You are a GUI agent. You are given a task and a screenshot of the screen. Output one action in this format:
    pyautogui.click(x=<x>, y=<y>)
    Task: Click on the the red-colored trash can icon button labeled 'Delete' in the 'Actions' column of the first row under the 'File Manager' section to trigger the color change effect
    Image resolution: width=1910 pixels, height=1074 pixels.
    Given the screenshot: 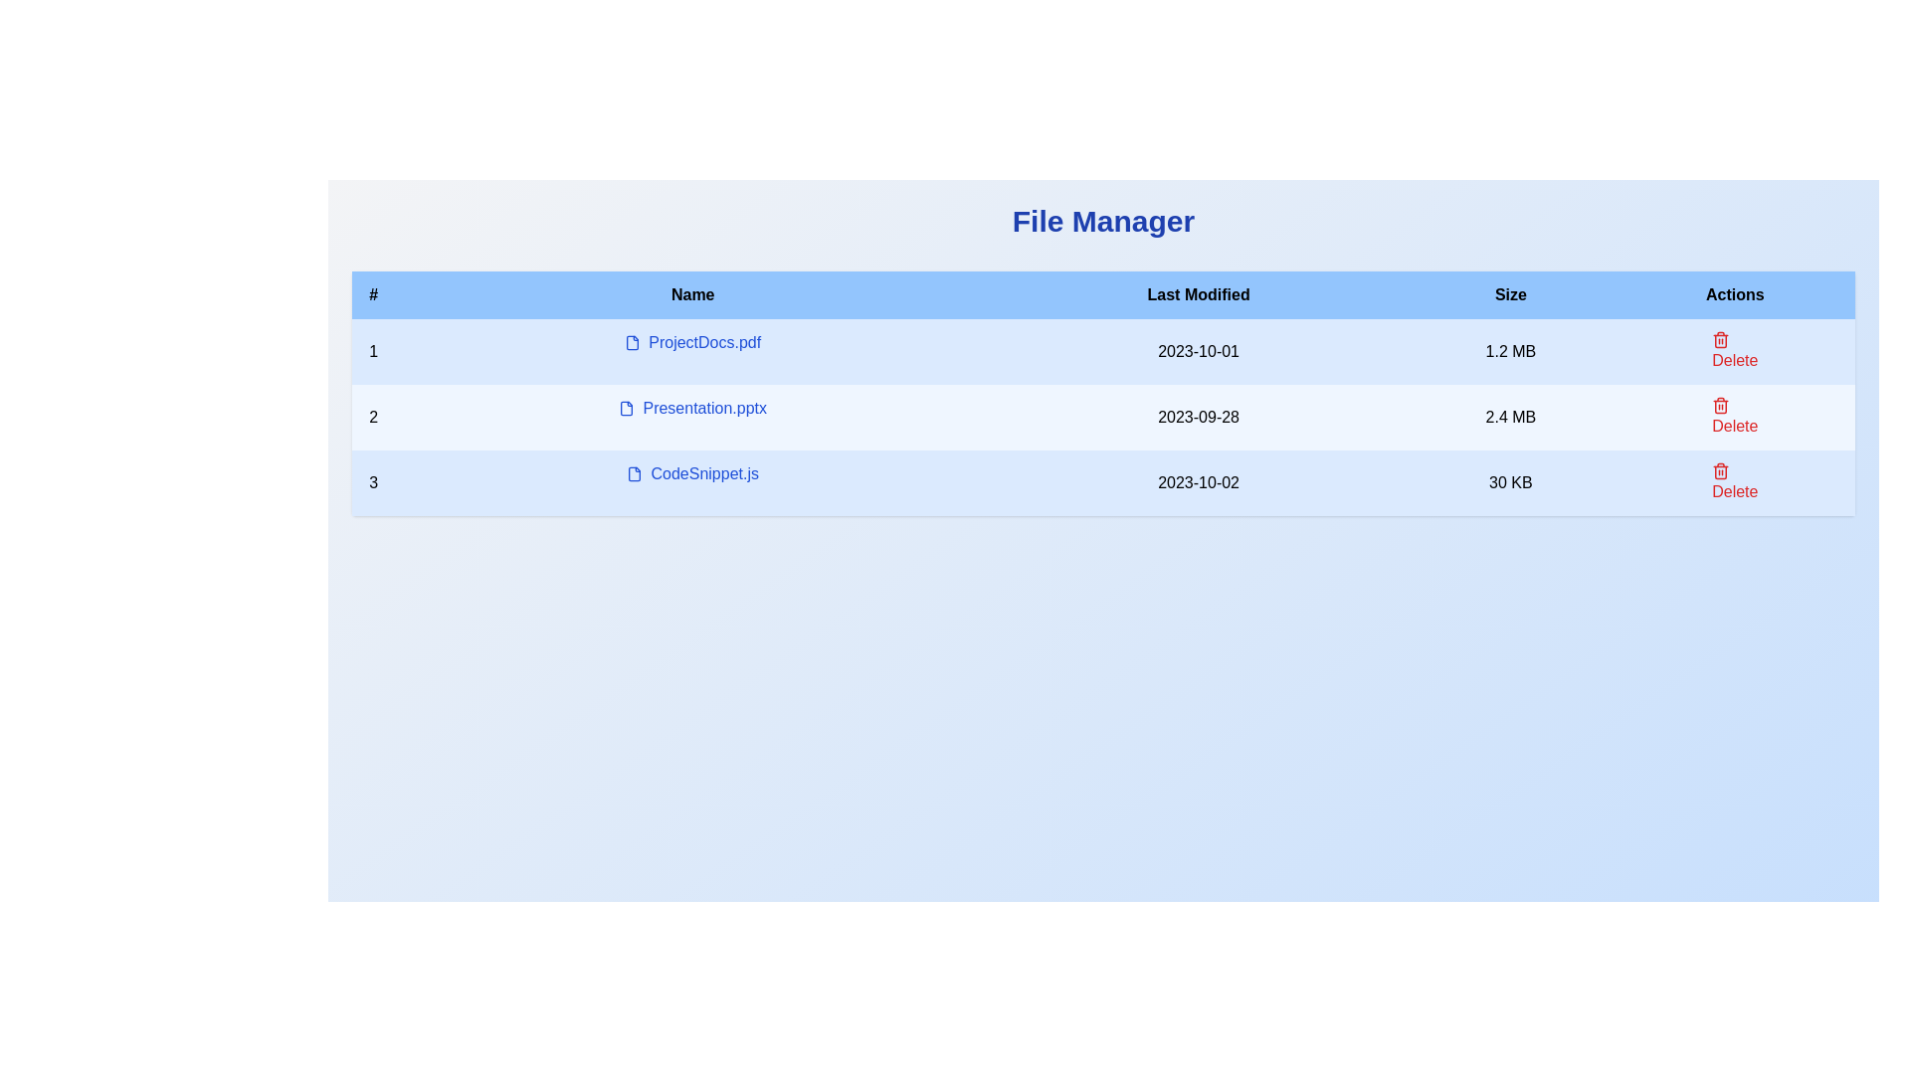 What is the action you would take?
    pyautogui.click(x=1734, y=351)
    